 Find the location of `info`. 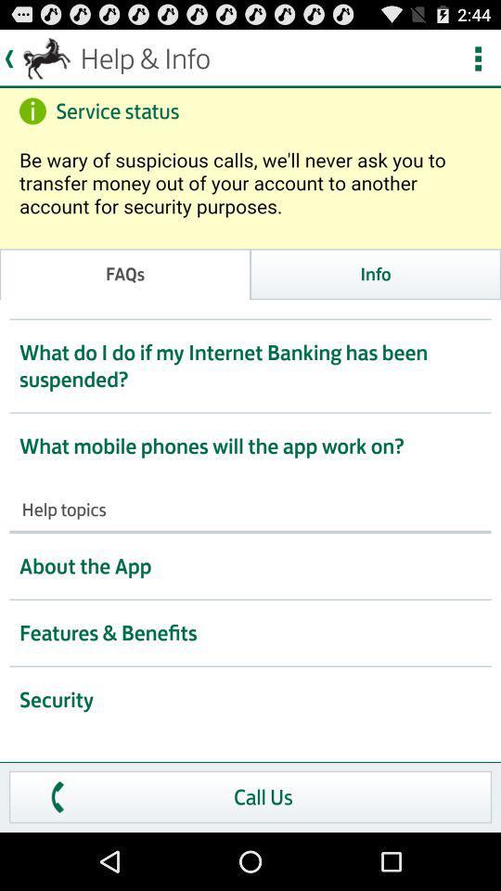

info is located at coordinates (376, 273).